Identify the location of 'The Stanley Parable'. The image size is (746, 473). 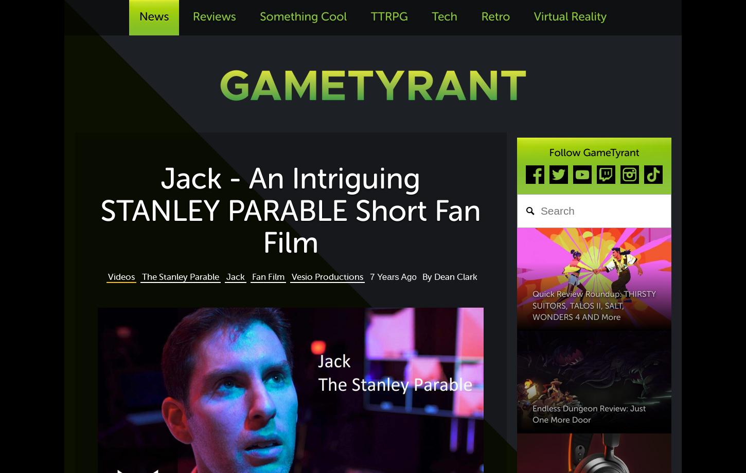
(181, 276).